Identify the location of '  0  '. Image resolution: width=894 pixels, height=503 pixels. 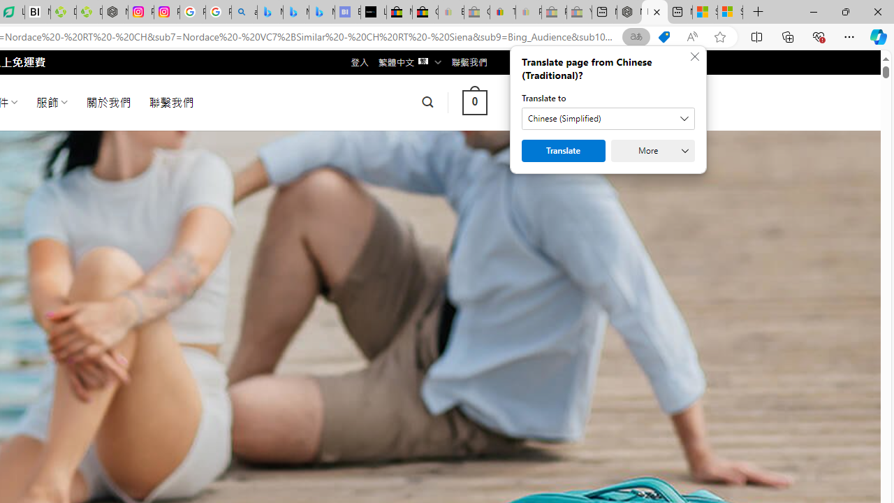
(474, 101).